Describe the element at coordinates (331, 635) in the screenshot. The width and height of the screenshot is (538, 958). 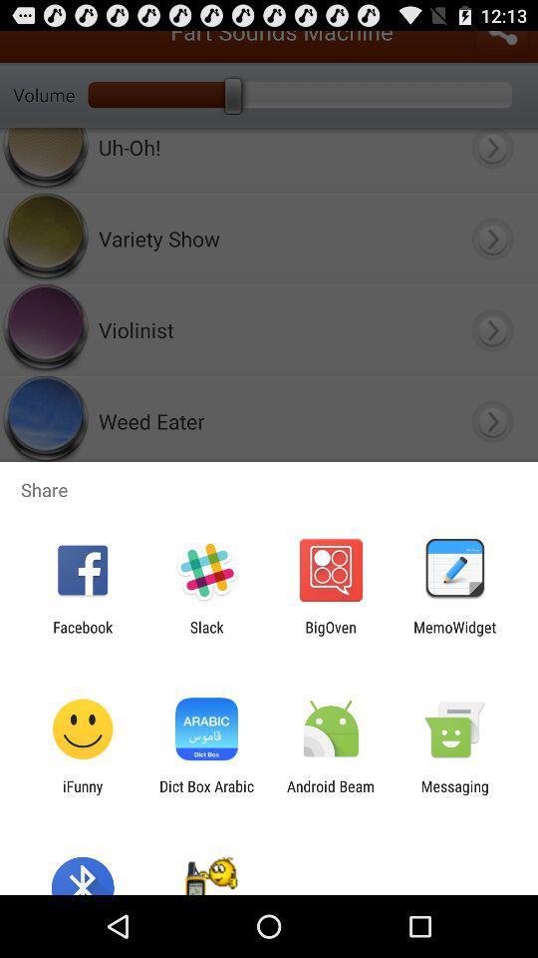
I see `item next to the memowidget app` at that location.